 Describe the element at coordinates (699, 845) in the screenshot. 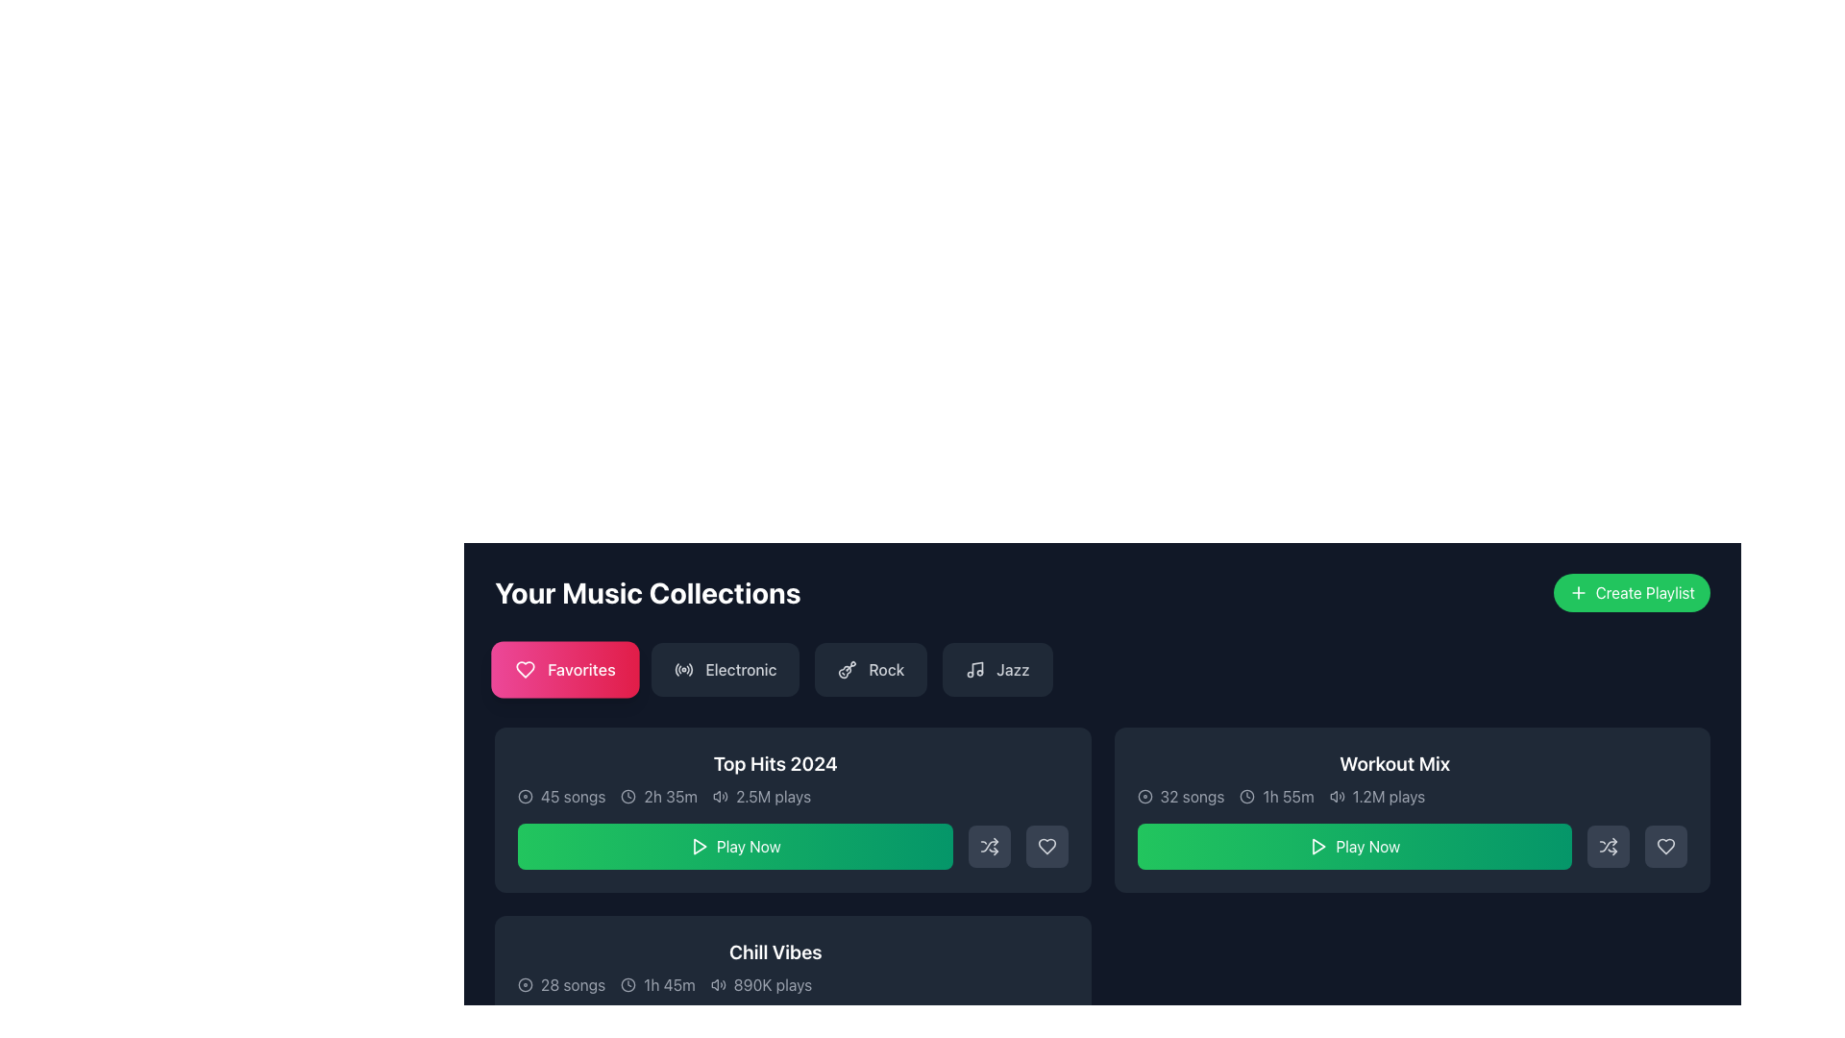

I see `the centrally positioned 'Play' icon located in the 'Top Hits 2024' row` at that location.